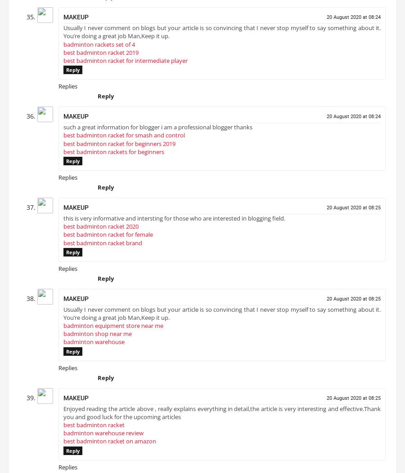 Image resolution: width=405 pixels, height=473 pixels. What do you see at coordinates (113, 154) in the screenshot?
I see `'best badminton rackets for beginners'` at bounding box center [113, 154].